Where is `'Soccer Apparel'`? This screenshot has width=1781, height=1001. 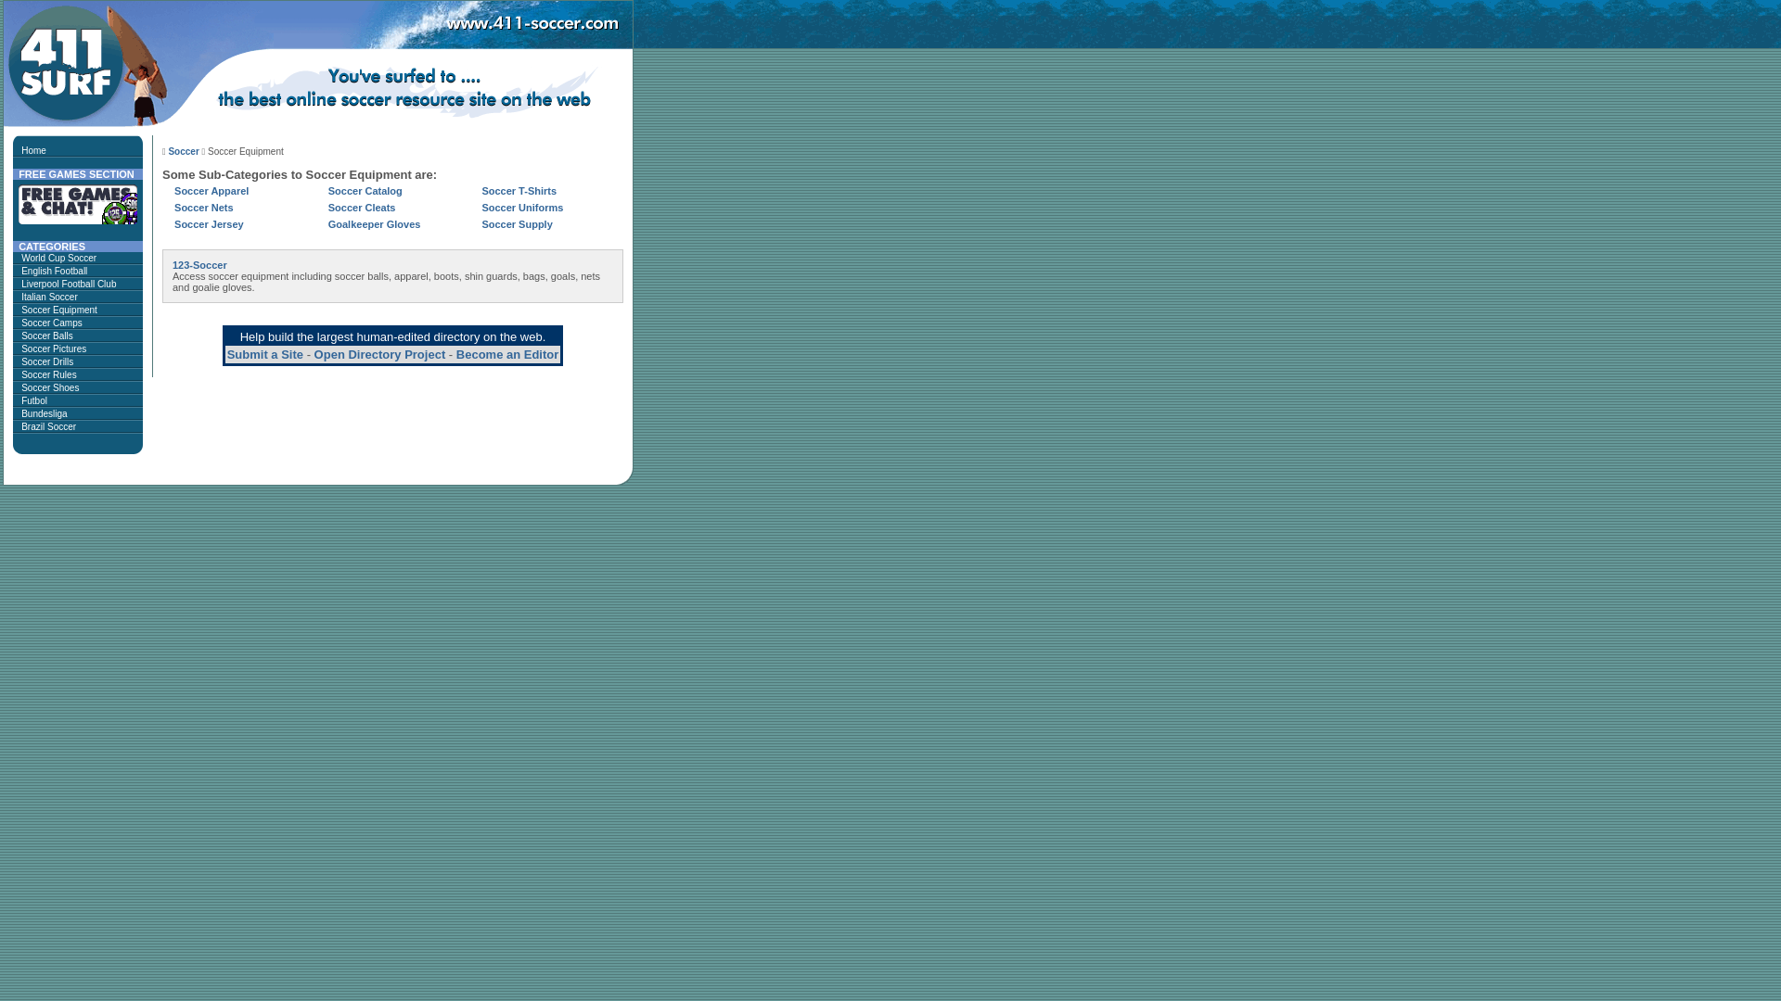 'Soccer Apparel' is located at coordinates (211, 190).